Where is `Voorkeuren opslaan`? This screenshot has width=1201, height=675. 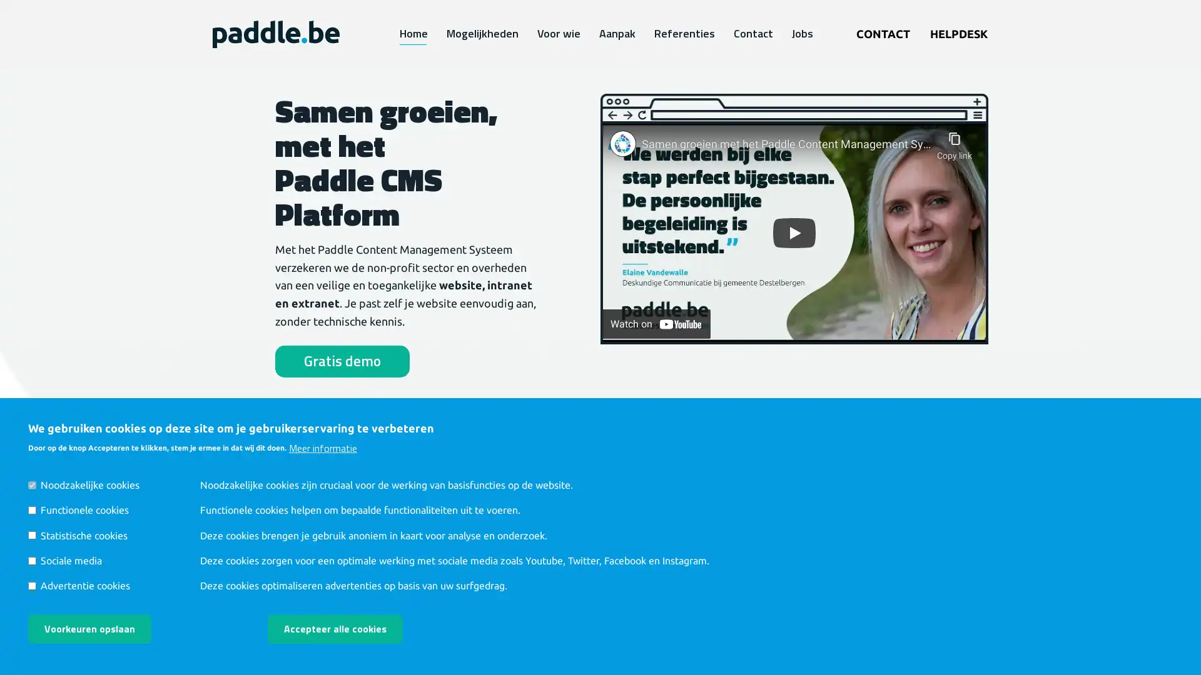
Voorkeuren opslaan is located at coordinates (89, 629).